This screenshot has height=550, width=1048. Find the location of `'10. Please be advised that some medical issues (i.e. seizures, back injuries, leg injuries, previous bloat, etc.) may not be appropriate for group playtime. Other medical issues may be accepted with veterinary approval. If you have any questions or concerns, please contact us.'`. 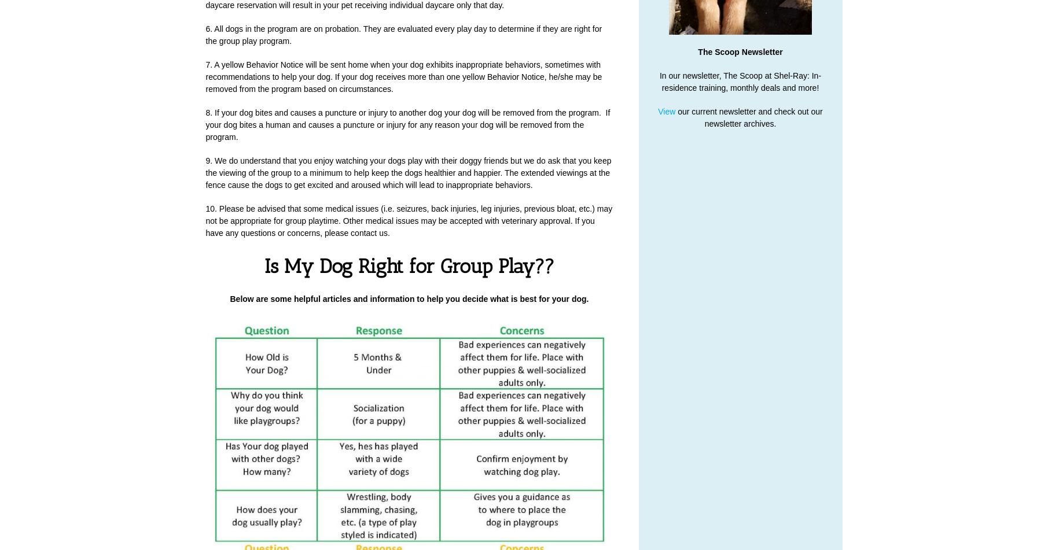

'10. Please be advised that some medical issues (i.e. seizures, back injuries, leg injuries, previous bloat, etc.) may not be appropriate for group playtime. Other medical issues may be accepted with veterinary approval. If you have any questions or concerns, please contact us.' is located at coordinates (408, 221).